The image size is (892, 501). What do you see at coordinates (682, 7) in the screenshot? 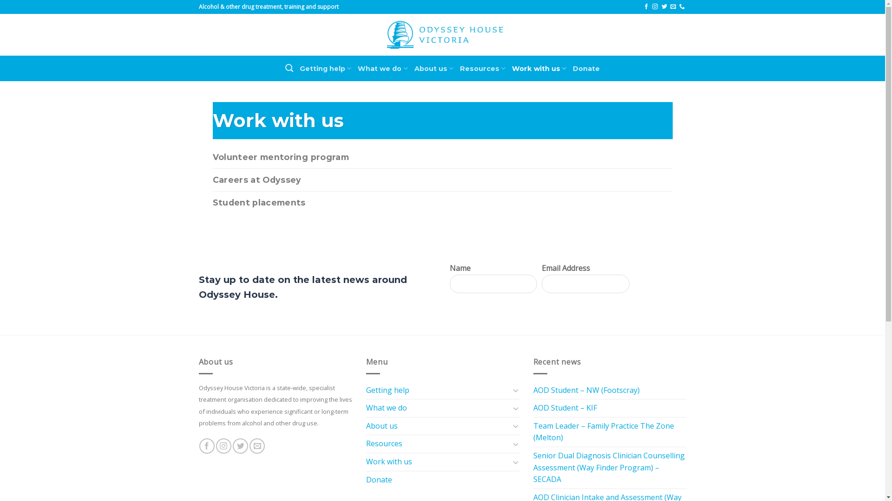
I see `'Call us'` at bounding box center [682, 7].